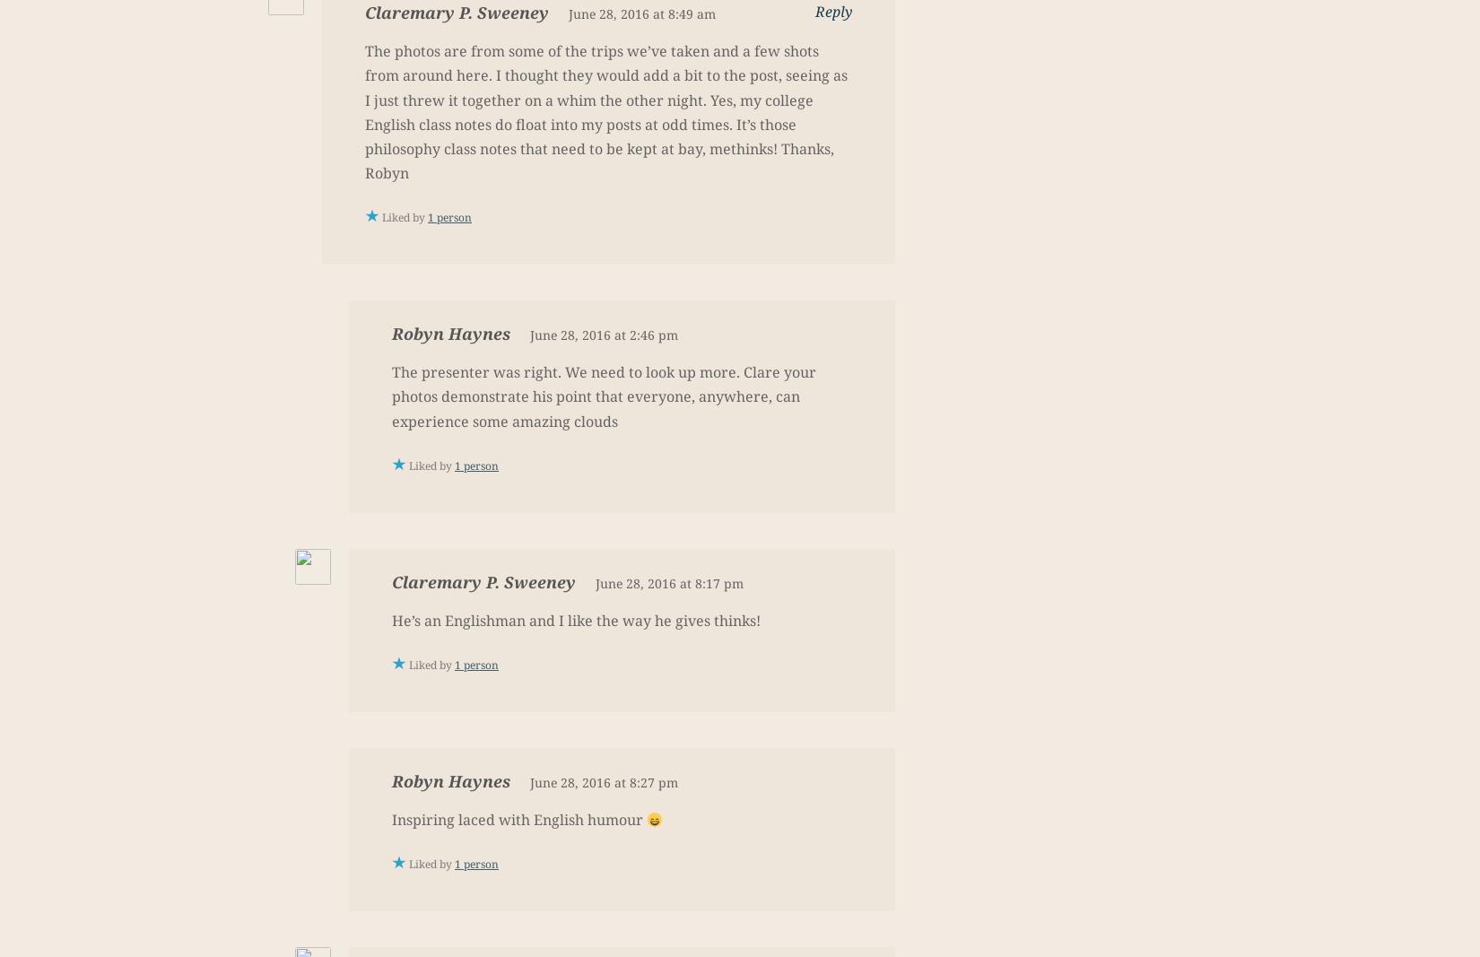 This screenshot has height=957, width=1480. What do you see at coordinates (529, 781) in the screenshot?
I see `'June 28, 2016 at 8:27 pm'` at bounding box center [529, 781].